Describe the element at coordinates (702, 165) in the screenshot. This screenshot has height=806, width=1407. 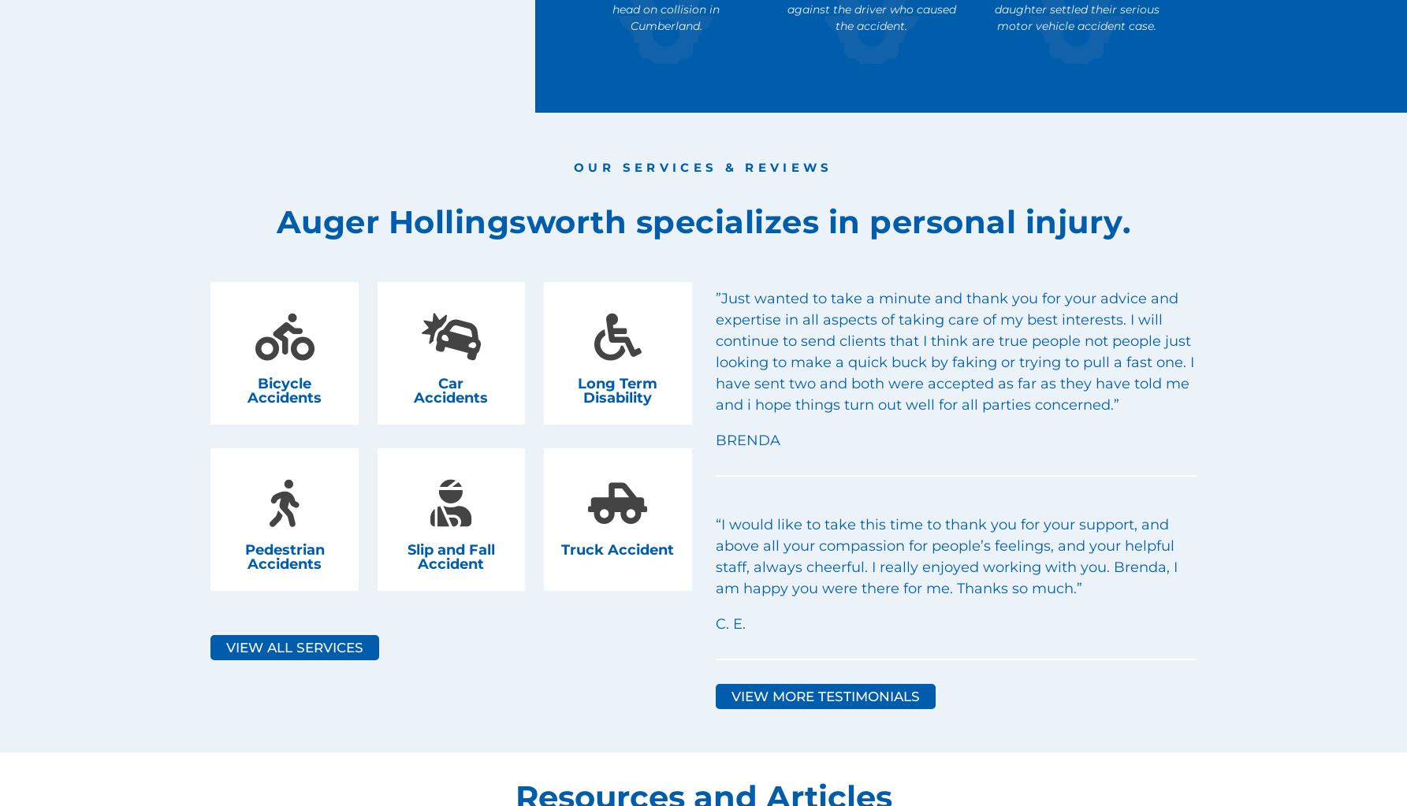
I see `'OUR SERVICES & REVIEWS'` at that location.